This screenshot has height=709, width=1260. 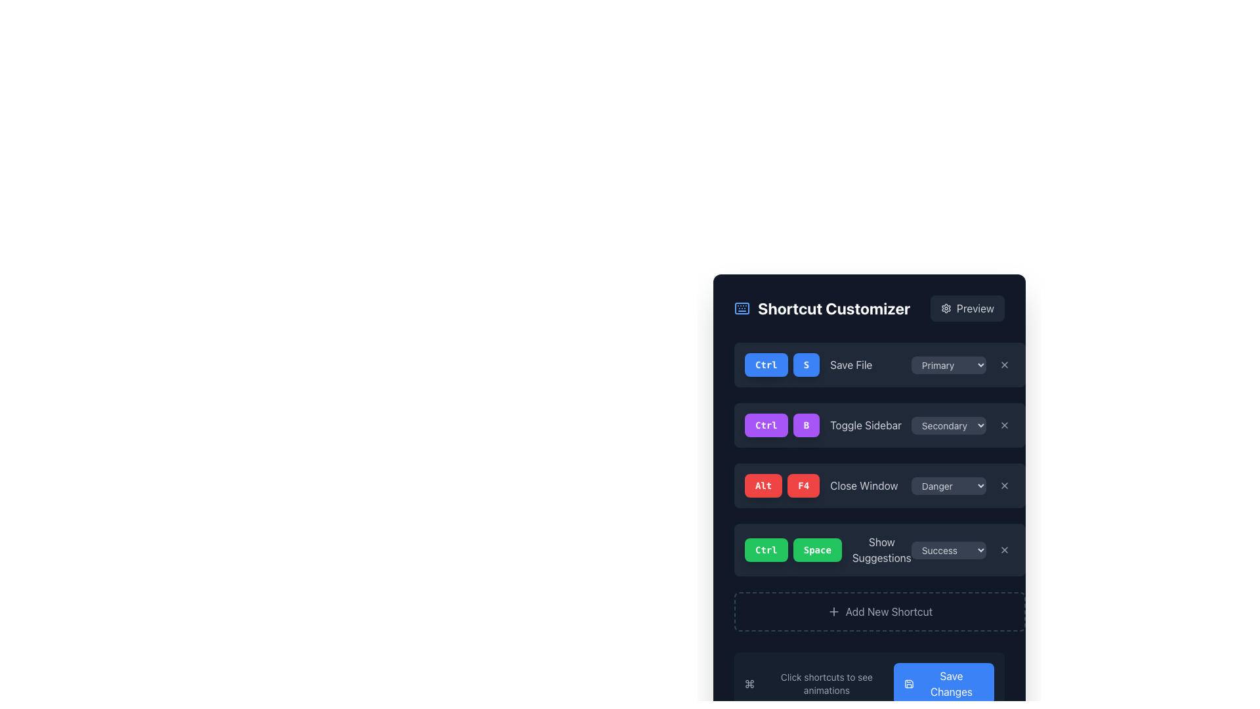 I want to click on the descriptive label for the shortcut action assigned to 'Alt' + 'F4', which indicates the operation of closing a window, so click(x=864, y=486).